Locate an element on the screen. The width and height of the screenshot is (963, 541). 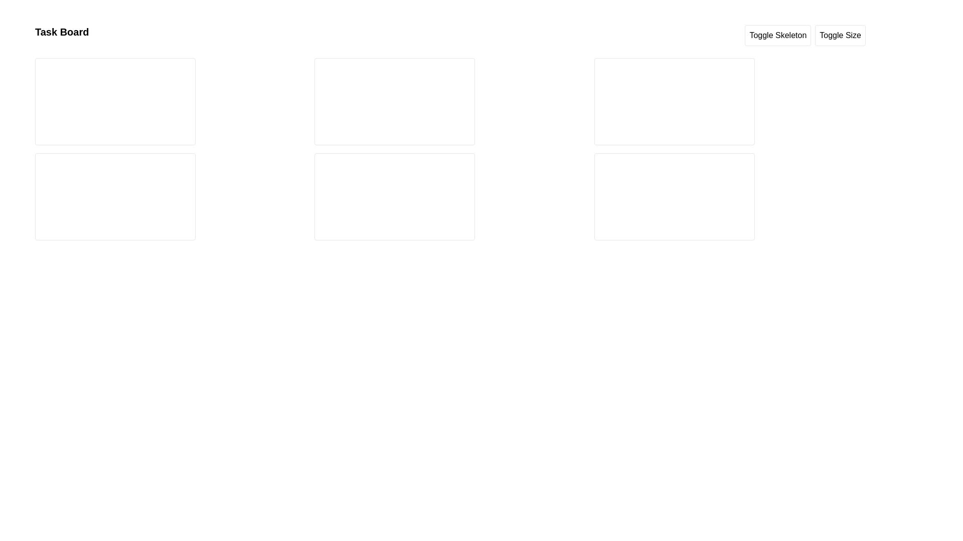
the Loading skeleton placeholder, which is a medium gray horizontal line with a pulsating animation located at the top of a card-like area is located at coordinates (392, 71).